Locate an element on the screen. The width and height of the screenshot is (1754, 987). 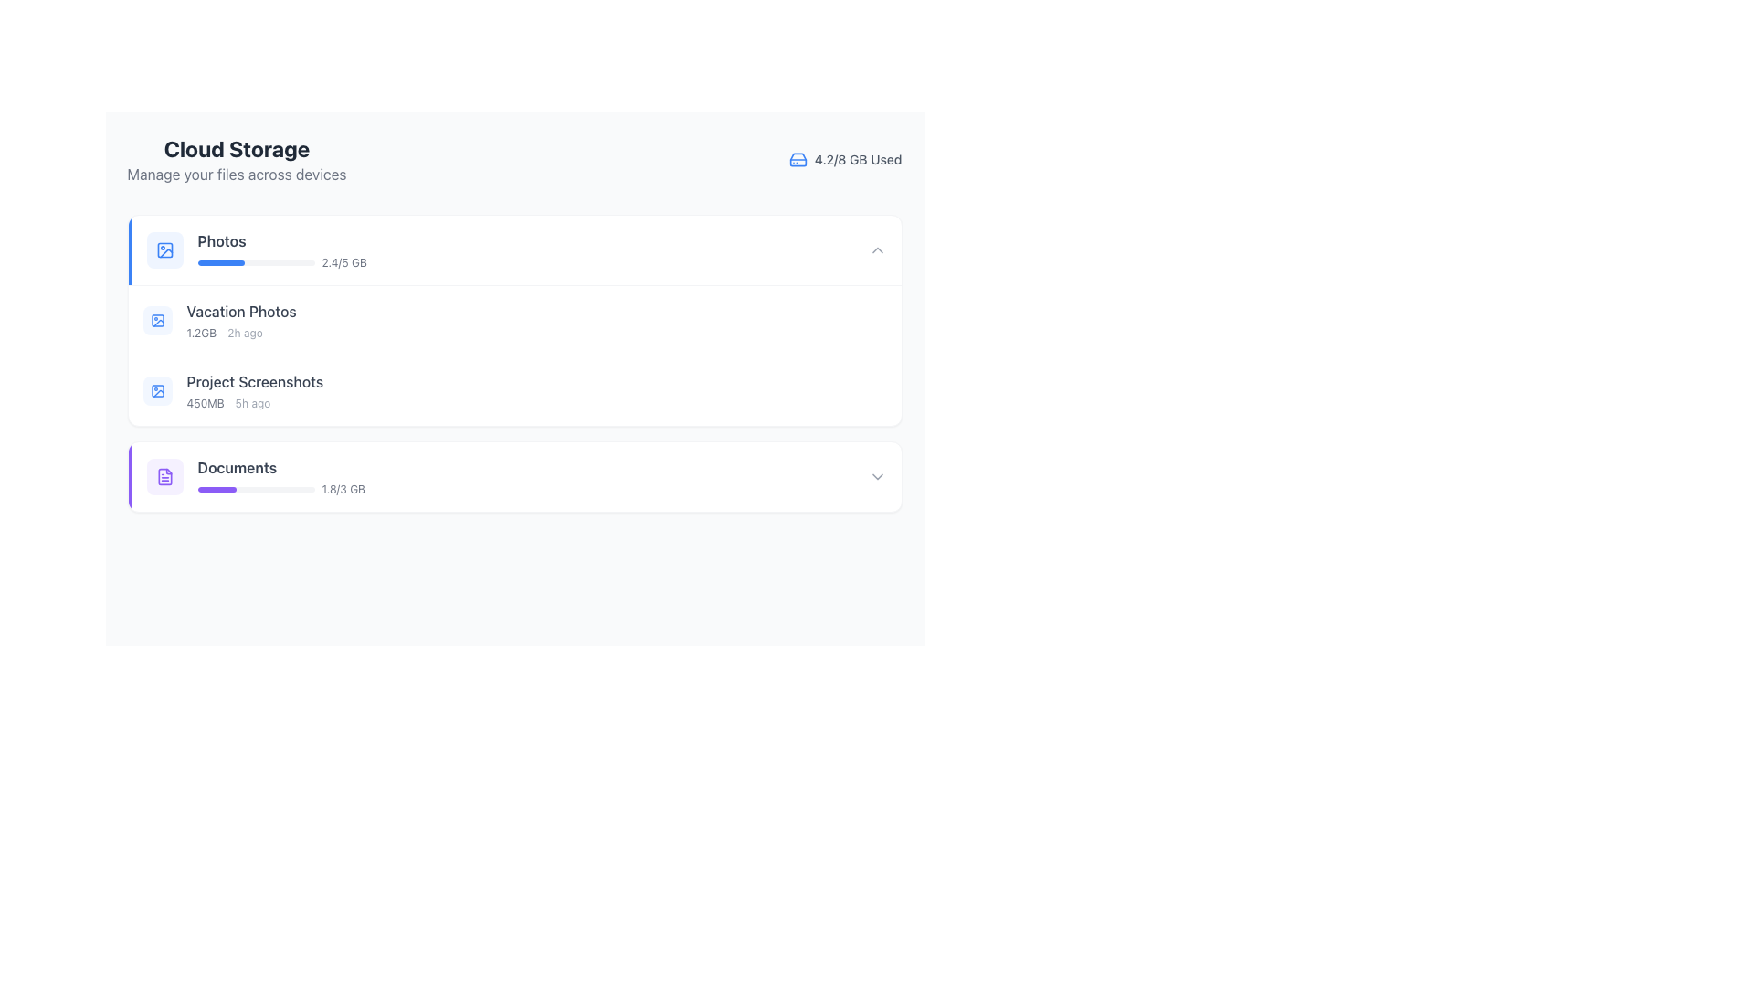
the hard drive icon located to the upper right corner of the interface, adjacent to the text '4.2/8 GB Used.' is located at coordinates (798, 158).